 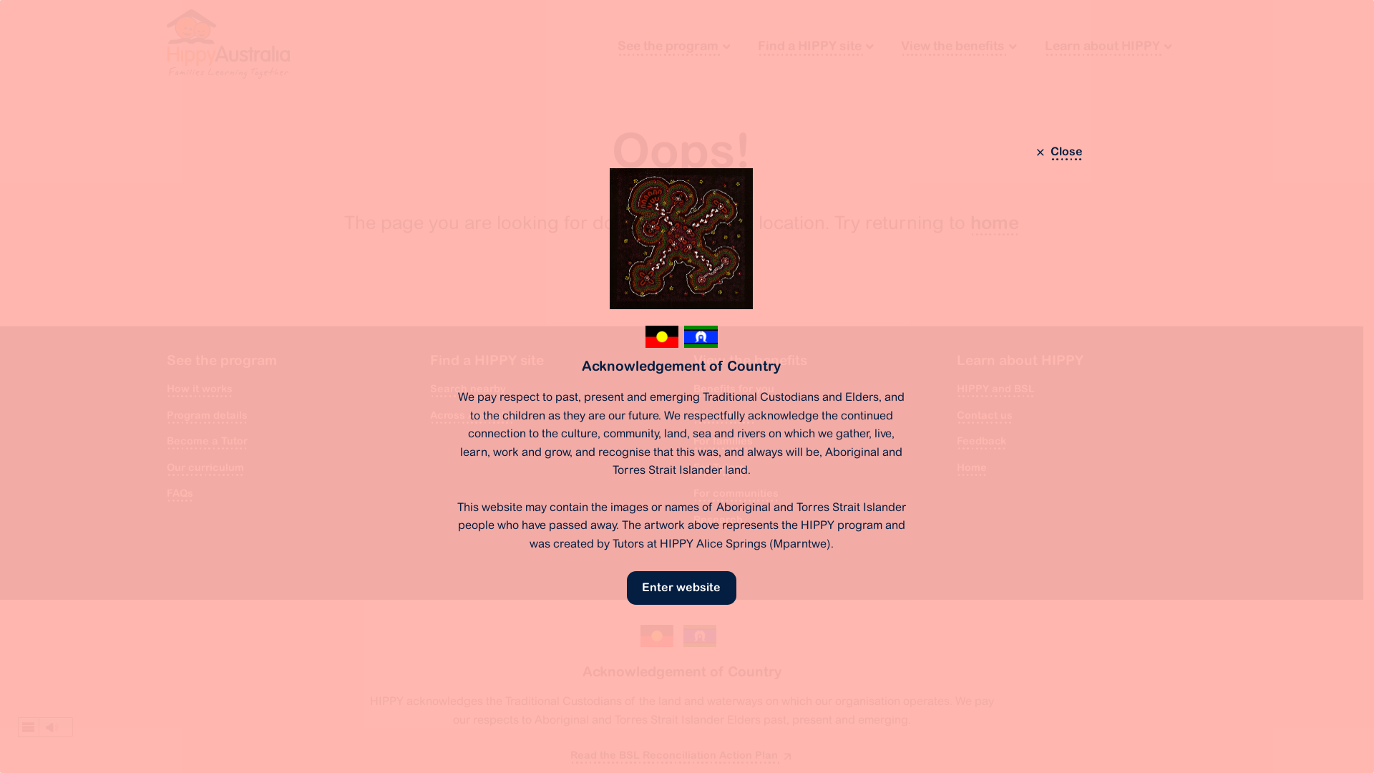 I want to click on 'Across Australia', so click(x=471, y=414).